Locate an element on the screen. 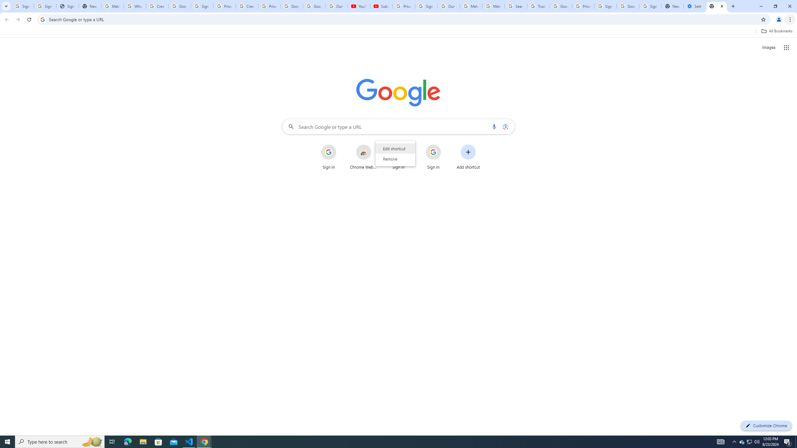  'Trusted Information and Content - Google Safety Center' is located at coordinates (538, 6).